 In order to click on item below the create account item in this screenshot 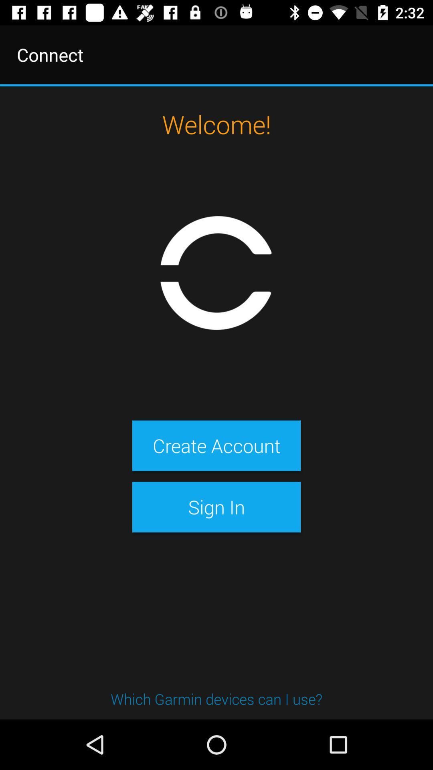, I will do `click(216, 507)`.